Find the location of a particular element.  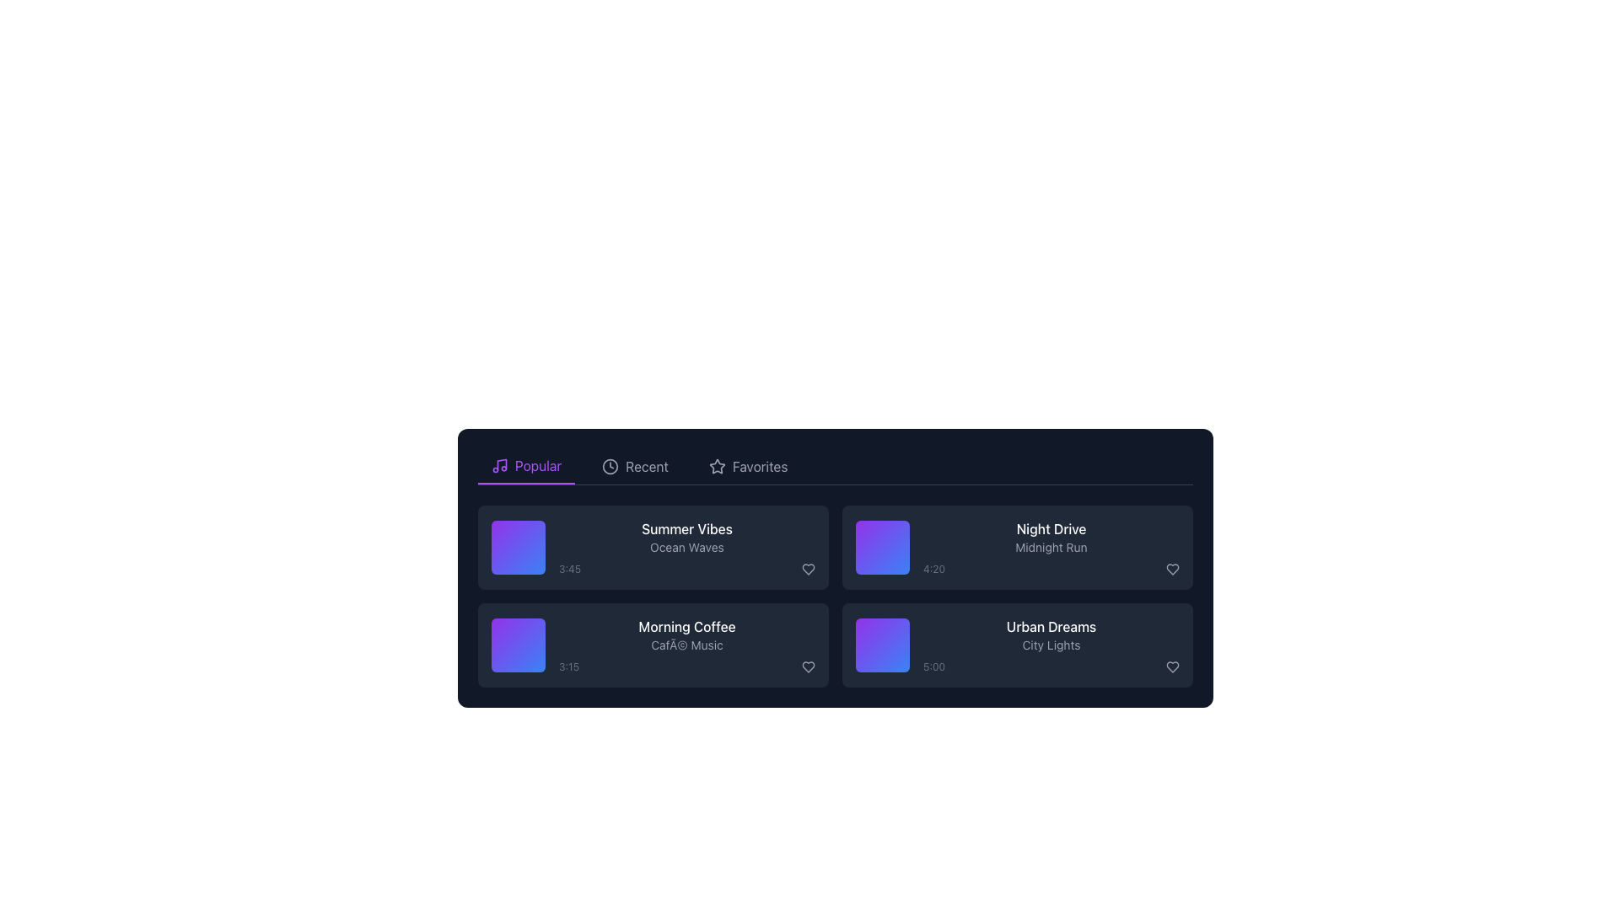

the Display card containing the texts 'Urban Dreams', 'City Lights', and '5:00', located in the bottom row of the right column of a two-element grid is located at coordinates (1051, 645).